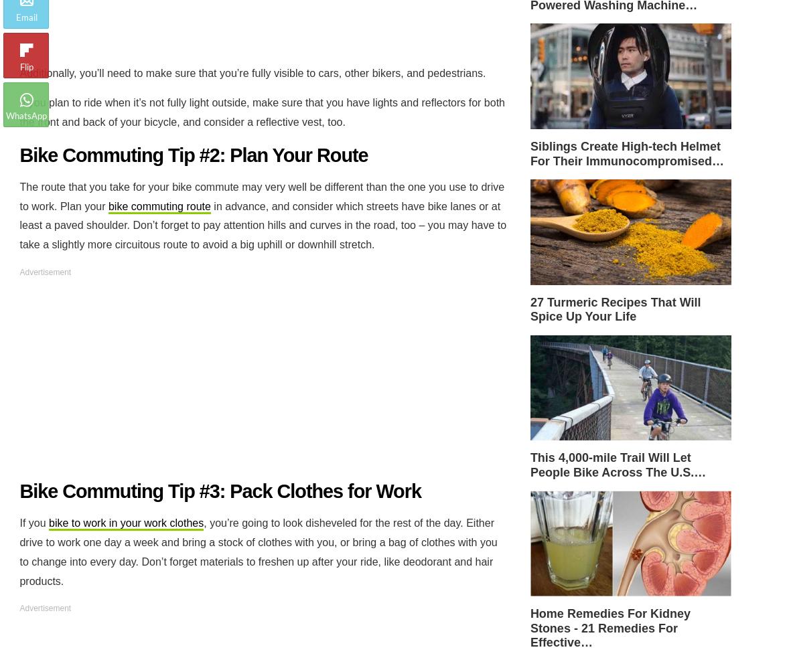  I want to click on 'If you', so click(33, 523).